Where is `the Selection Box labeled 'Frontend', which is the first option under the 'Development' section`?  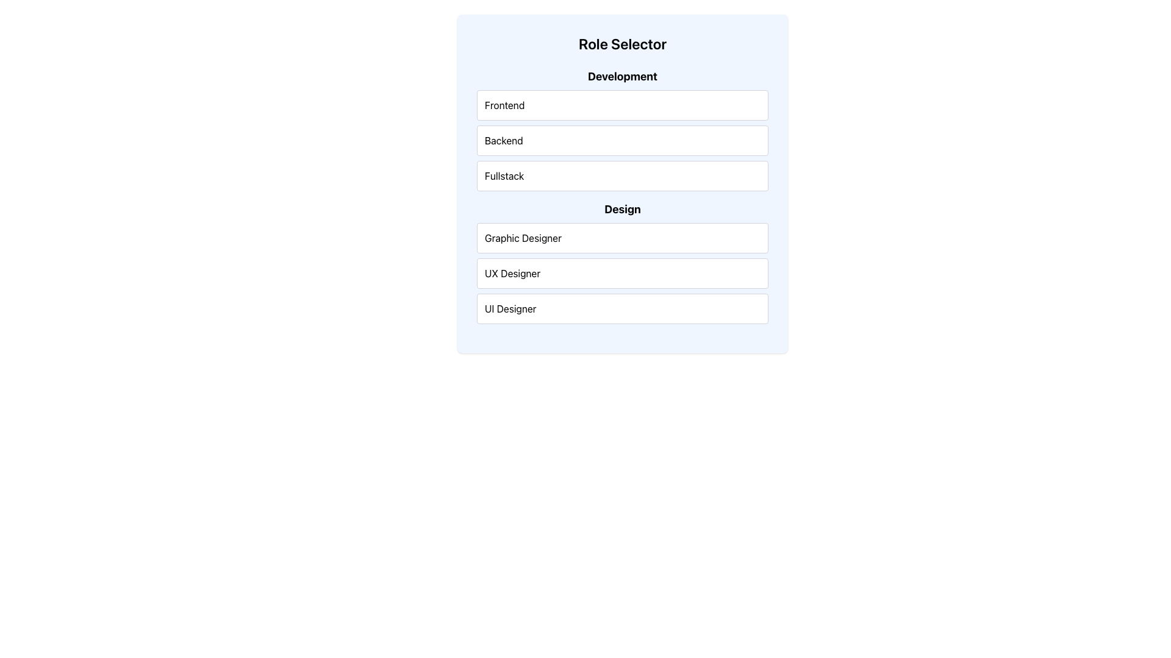
the Selection Box labeled 'Frontend', which is the first option under the 'Development' section is located at coordinates (623, 105).